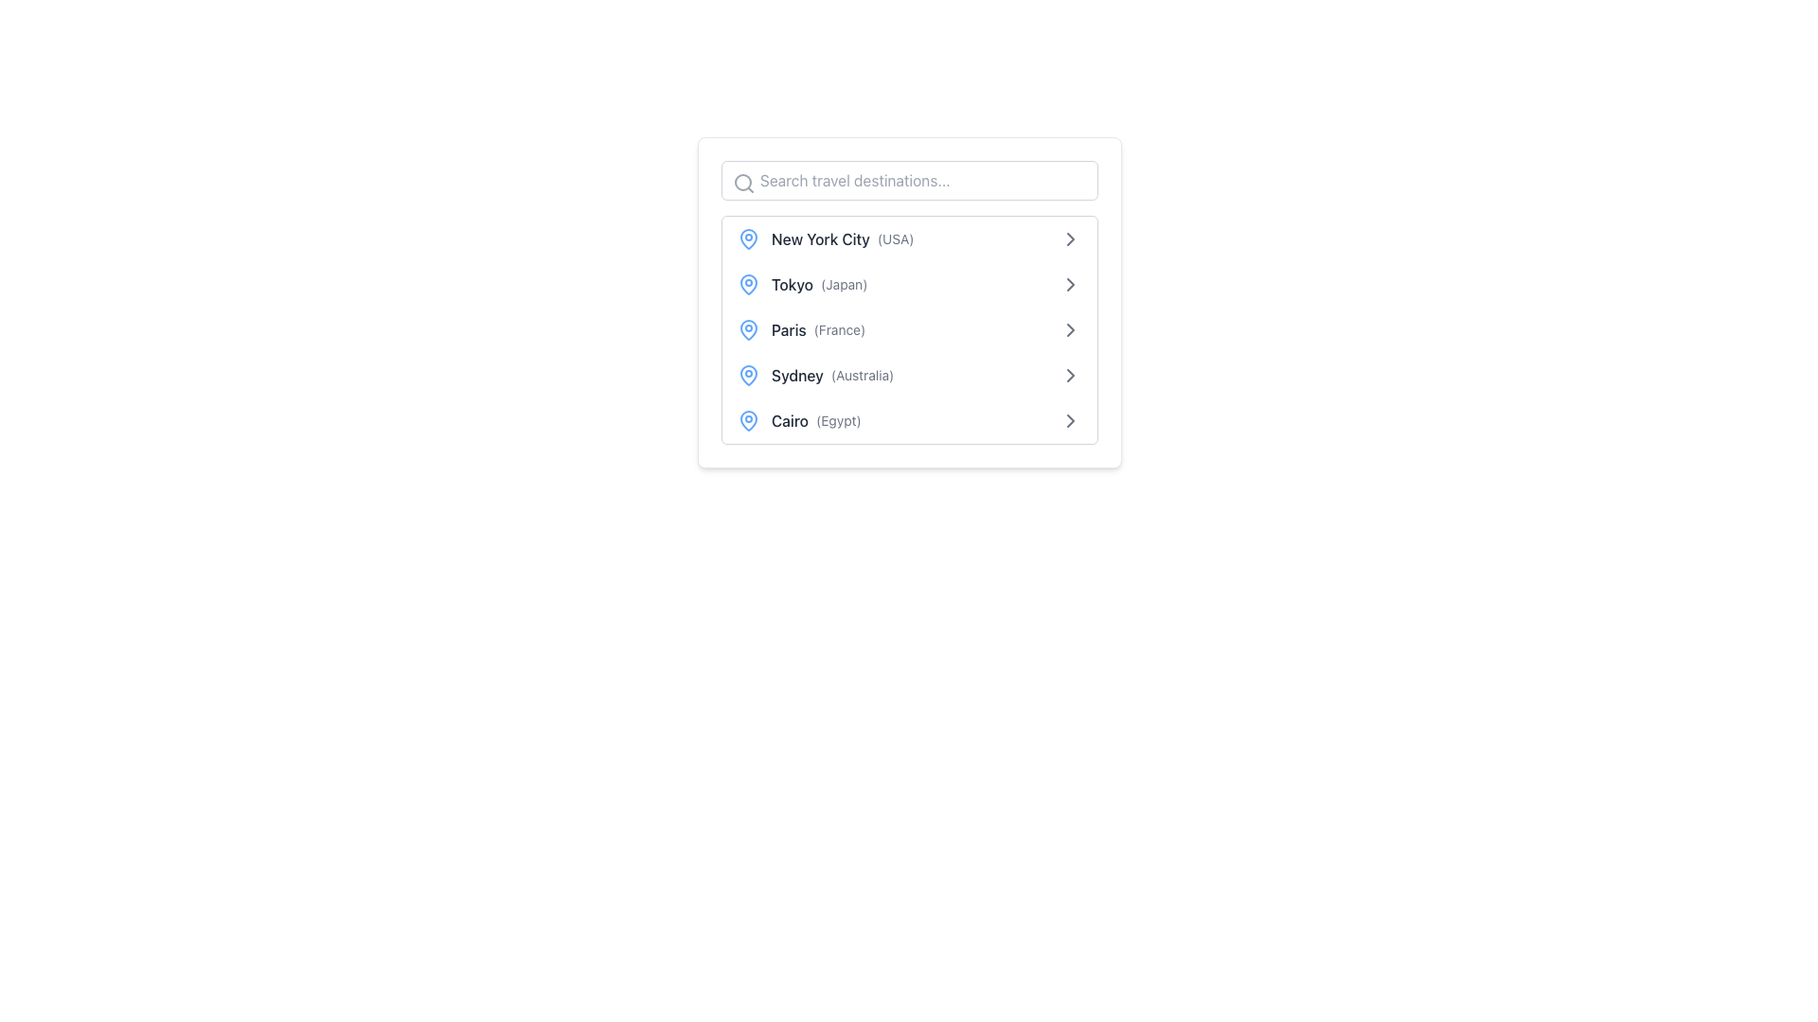 The height and width of the screenshot is (1022, 1818). Describe the element at coordinates (748, 418) in the screenshot. I see `the map pin icon located in the fifth item of the vertical list of locations` at that location.